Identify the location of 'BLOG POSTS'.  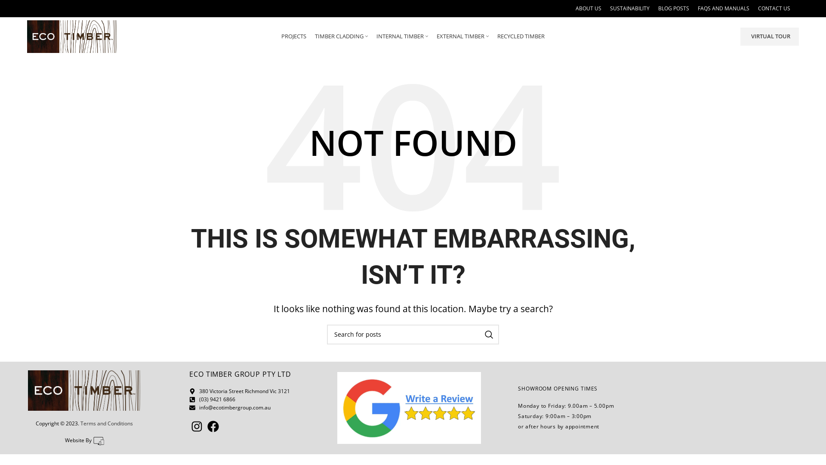
(658, 8).